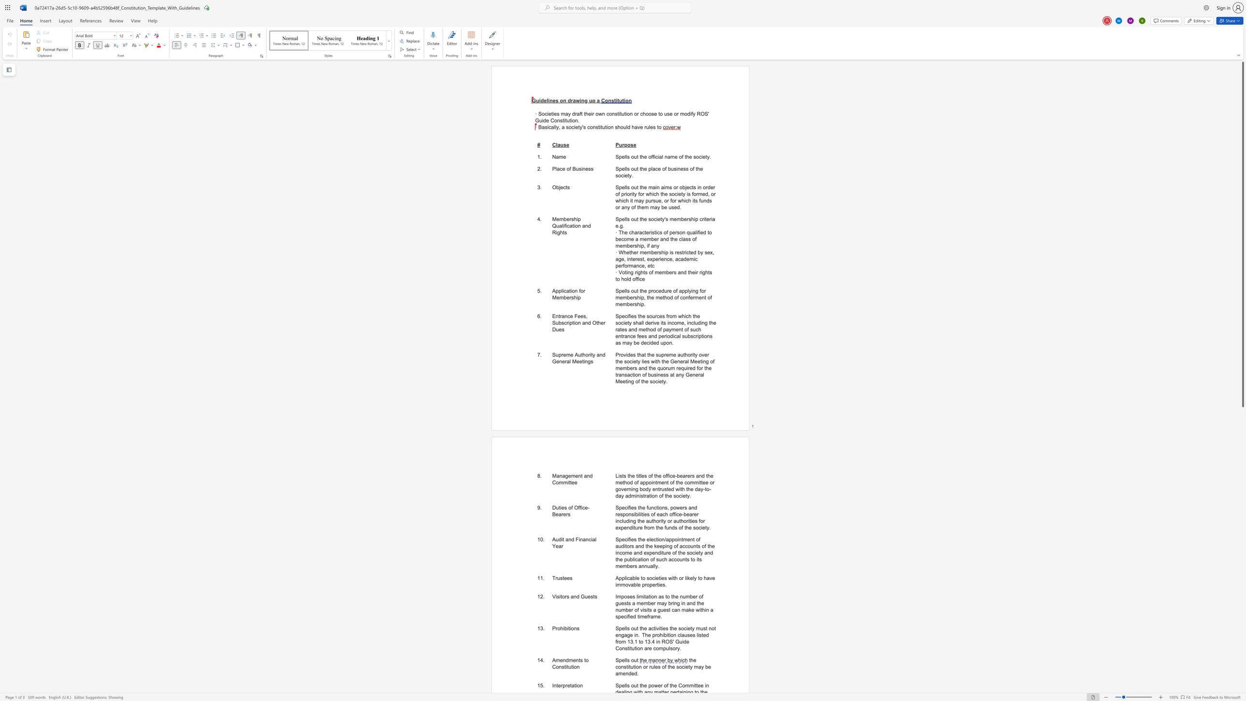  What do you see at coordinates (563, 659) in the screenshot?
I see `the subset text "ndments to Con" within the text "Amendments to Constitution"` at bounding box center [563, 659].